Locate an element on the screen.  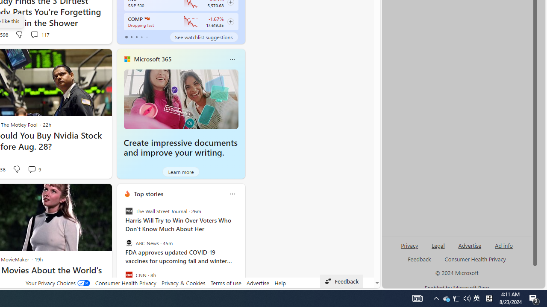
'tab-0' is located at coordinates (126, 37).